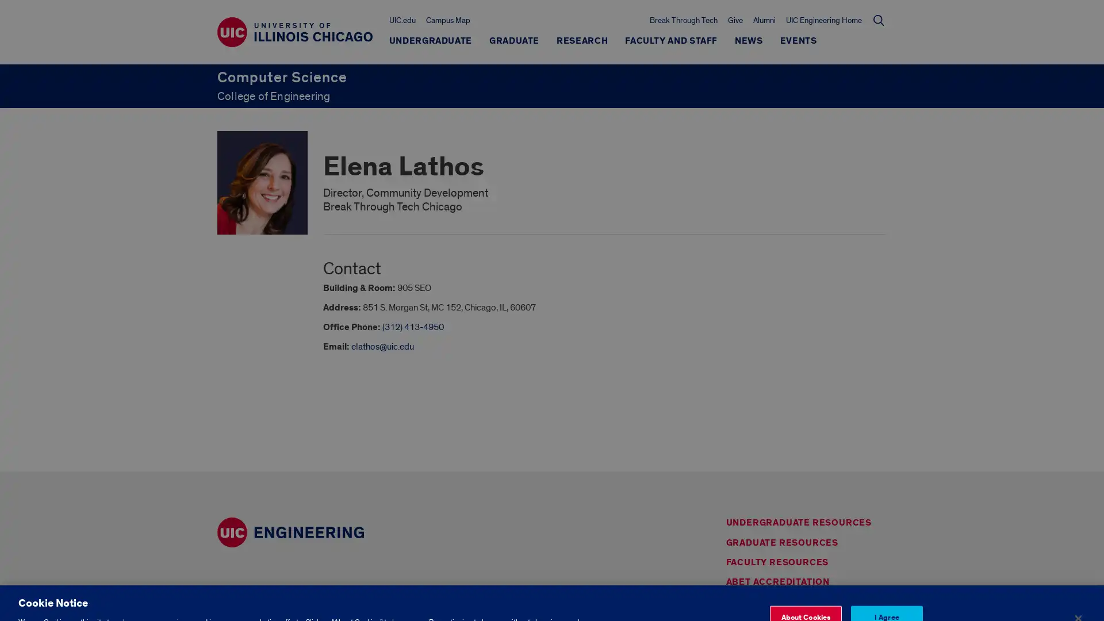 This screenshot has height=621, width=1104. I want to click on Close, so click(1077, 587).